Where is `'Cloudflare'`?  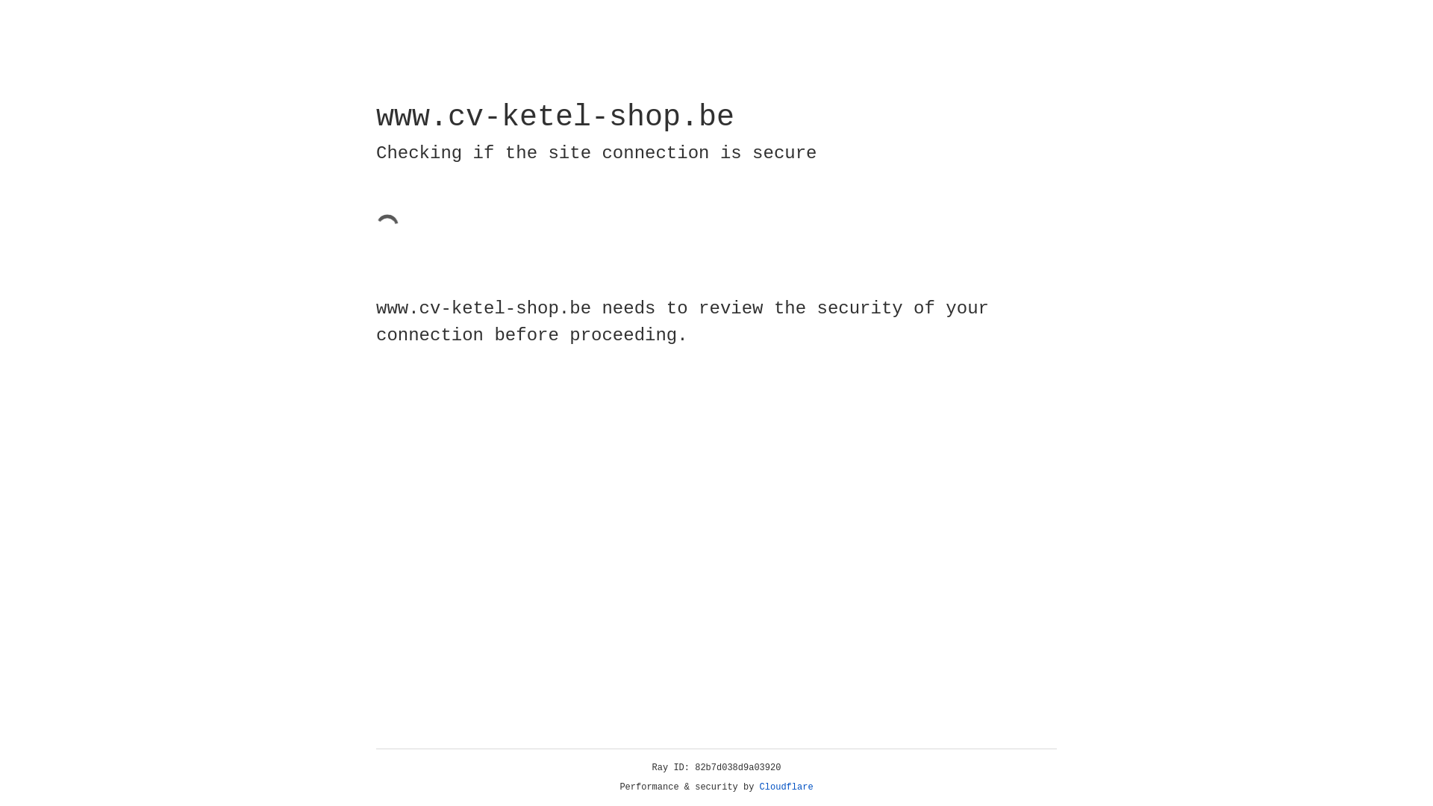 'Cloudflare' is located at coordinates (786, 787).